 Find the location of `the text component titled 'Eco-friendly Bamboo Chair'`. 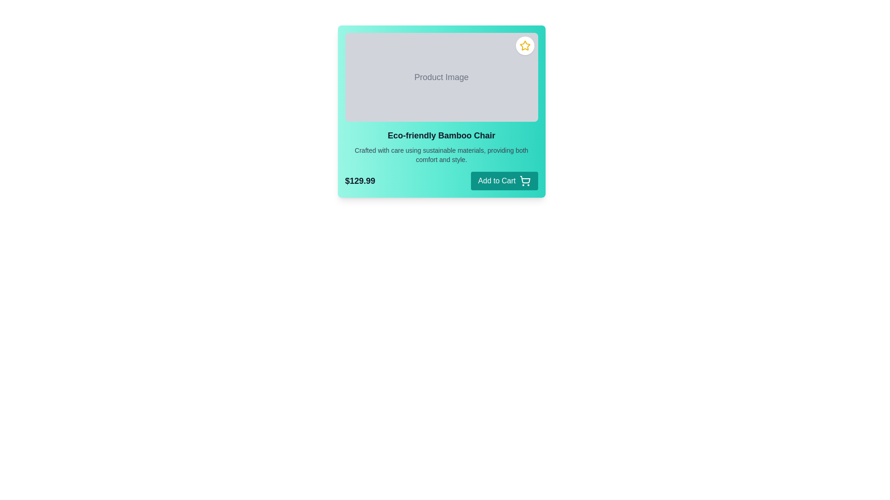

the text component titled 'Eco-friendly Bamboo Chair' is located at coordinates (441, 146).